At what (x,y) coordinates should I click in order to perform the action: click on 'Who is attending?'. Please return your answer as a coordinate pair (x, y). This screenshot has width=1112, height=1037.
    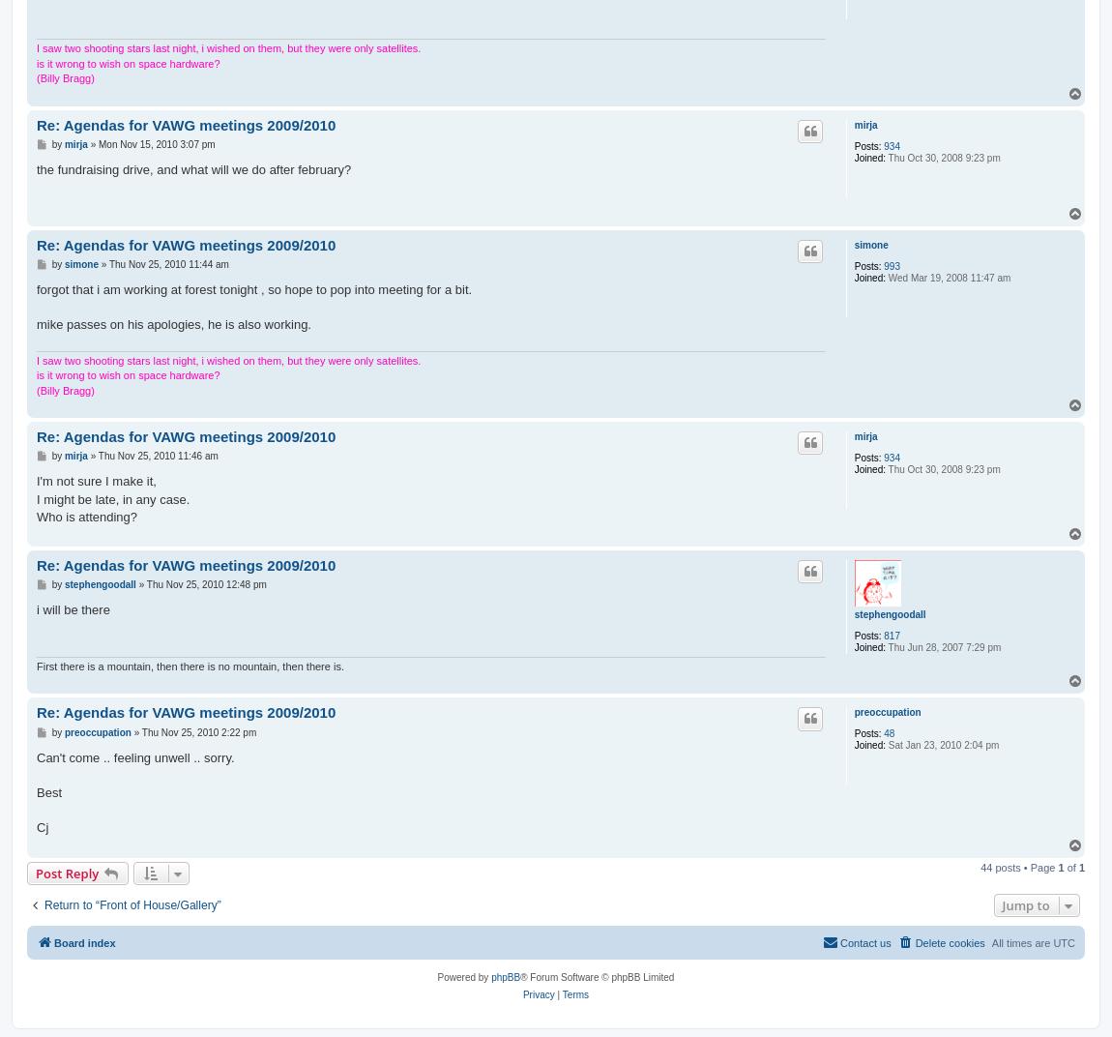
    Looking at the image, I should click on (86, 516).